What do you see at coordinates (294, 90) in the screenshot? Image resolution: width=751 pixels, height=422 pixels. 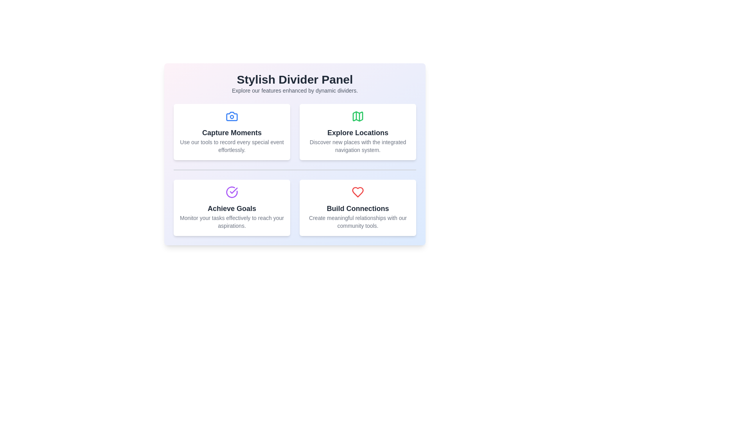 I see `the Text Display that says 'Explore our features enhanced by dynamic dividers.' which is located centrally below the header 'Stylish Divider Panel.'` at bounding box center [294, 90].